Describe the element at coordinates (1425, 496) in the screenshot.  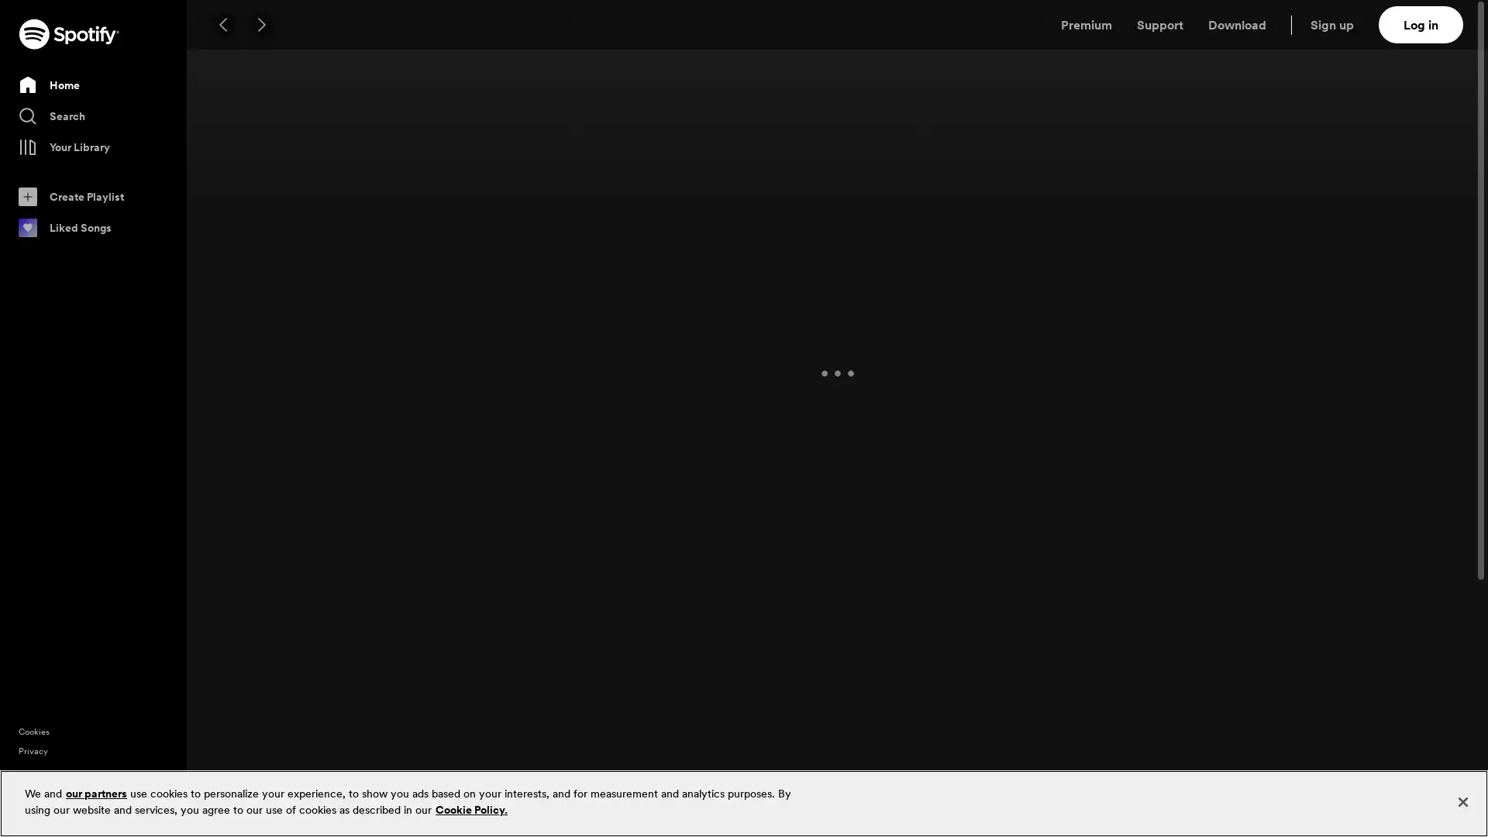
I see `Play Peaceful Guitar` at that location.